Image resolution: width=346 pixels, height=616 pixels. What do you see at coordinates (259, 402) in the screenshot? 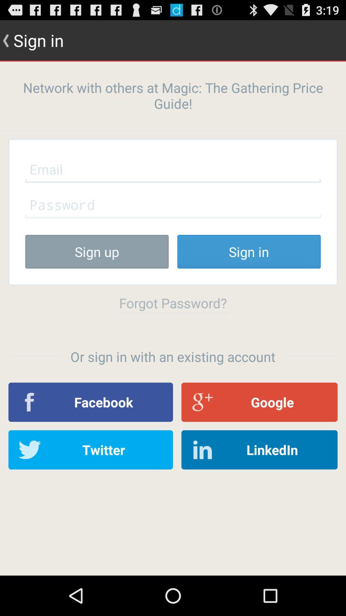
I see `google app` at bounding box center [259, 402].